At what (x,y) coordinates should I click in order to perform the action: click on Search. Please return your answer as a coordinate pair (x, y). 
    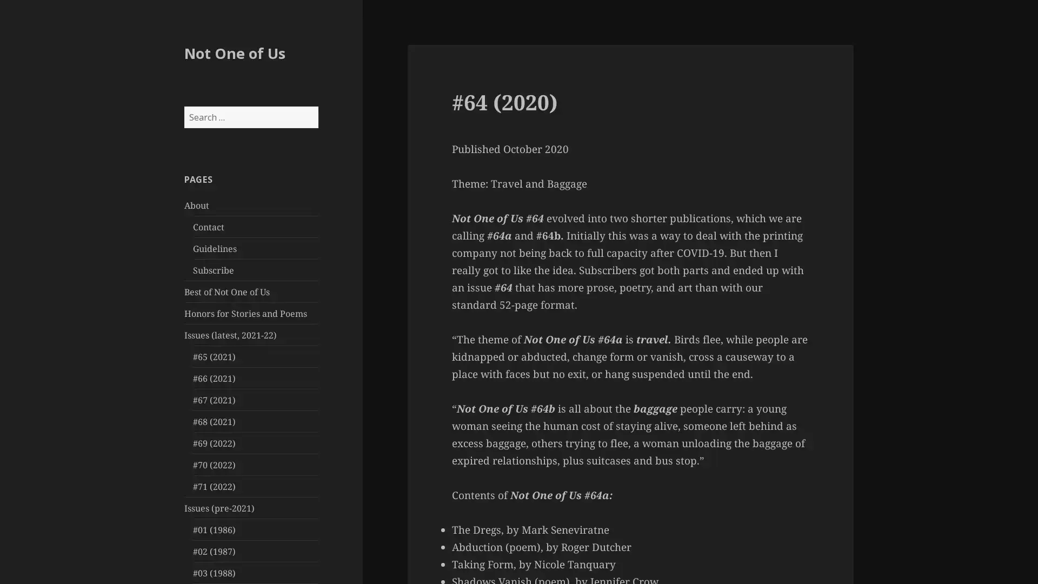
    Looking at the image, I should click on (317, 106).